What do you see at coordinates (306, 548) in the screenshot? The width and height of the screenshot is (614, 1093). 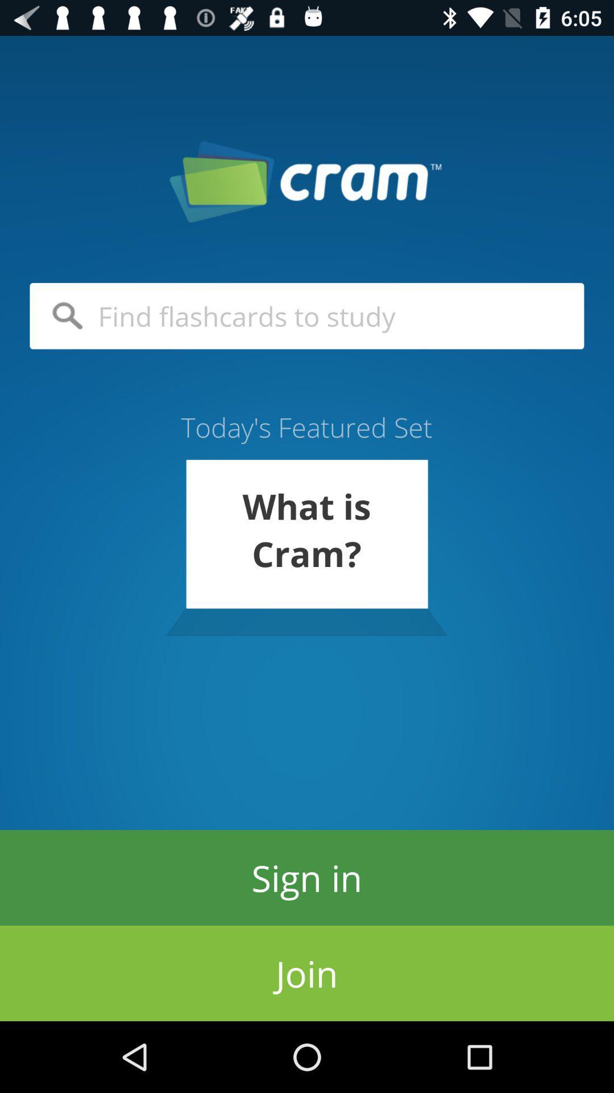 I see `icon above the sign in` at bounding box center [306, 548].